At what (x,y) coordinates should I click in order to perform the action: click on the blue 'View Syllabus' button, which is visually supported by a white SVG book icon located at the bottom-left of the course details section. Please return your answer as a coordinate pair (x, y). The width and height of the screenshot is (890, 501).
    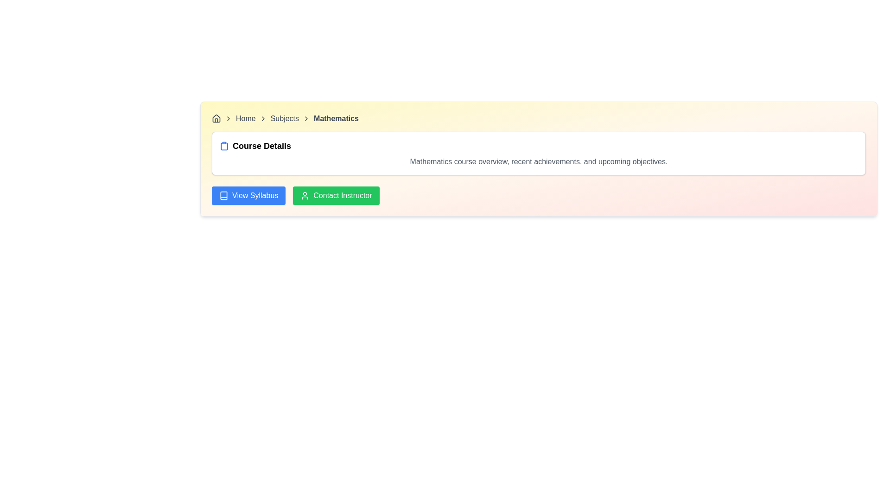
    Looking at the image, I should click on (224, 195).